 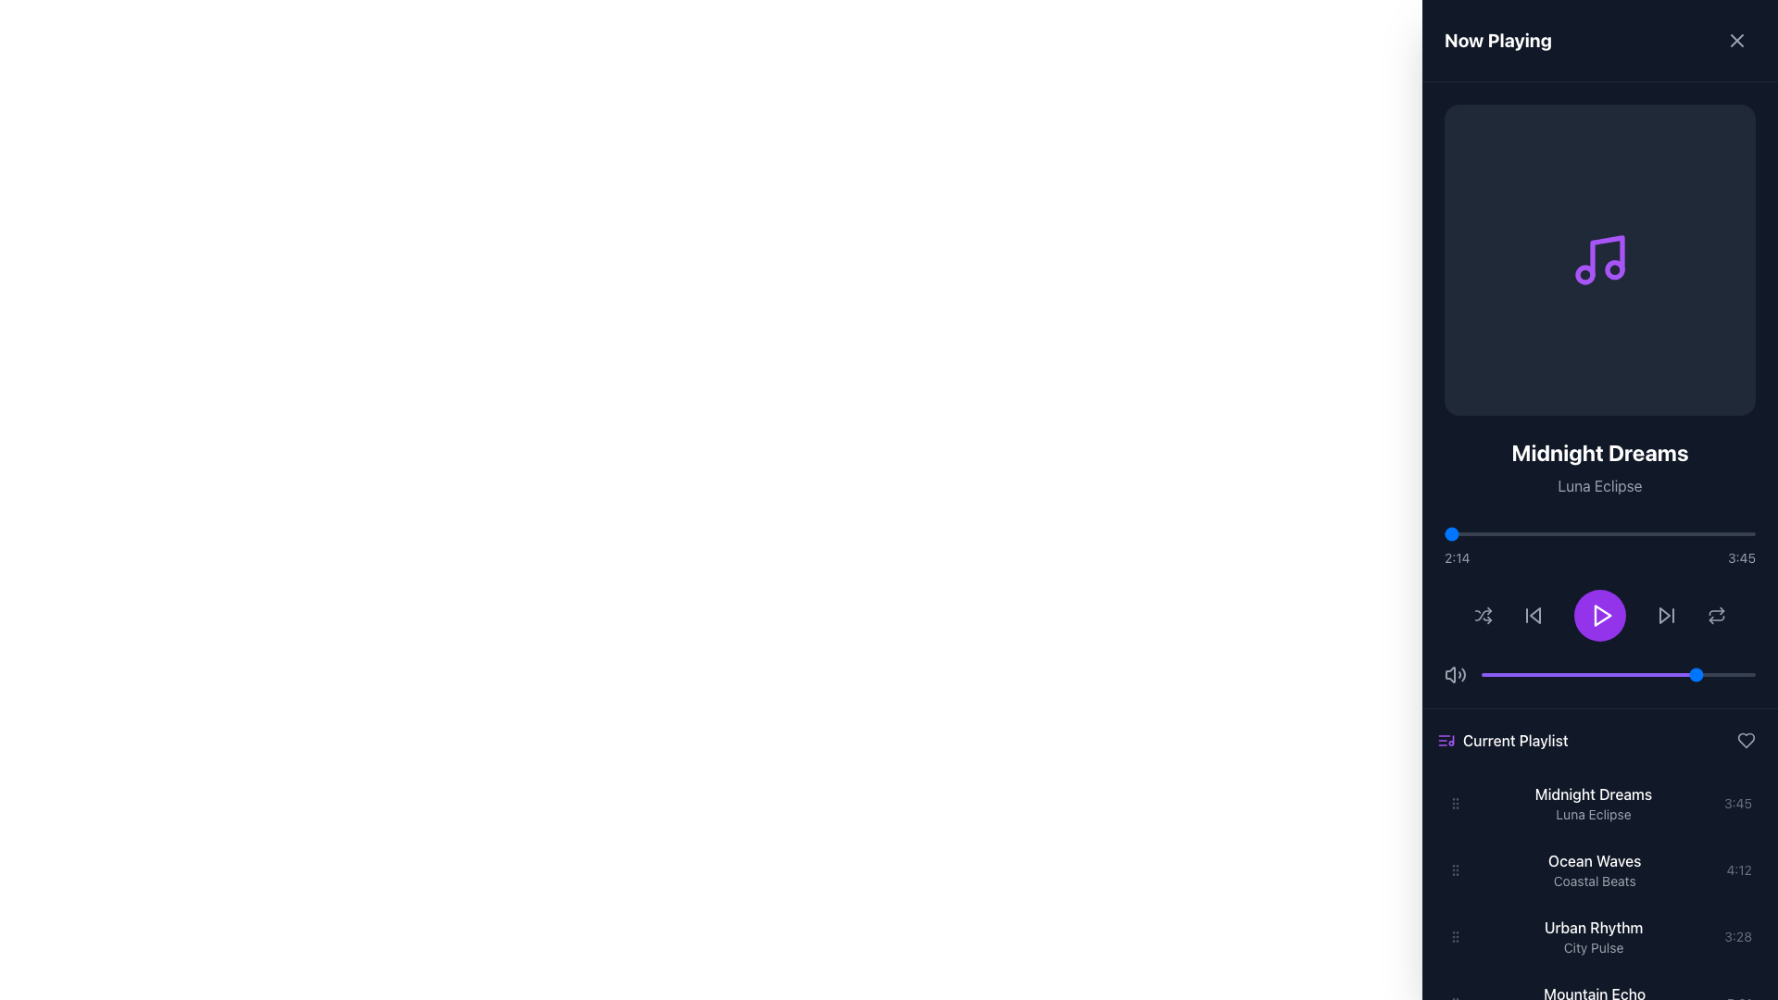 I want to click on the triangular-shaped purple play icon located at the lower center of the interface for visual feedback, so click(x=1602, y=615).